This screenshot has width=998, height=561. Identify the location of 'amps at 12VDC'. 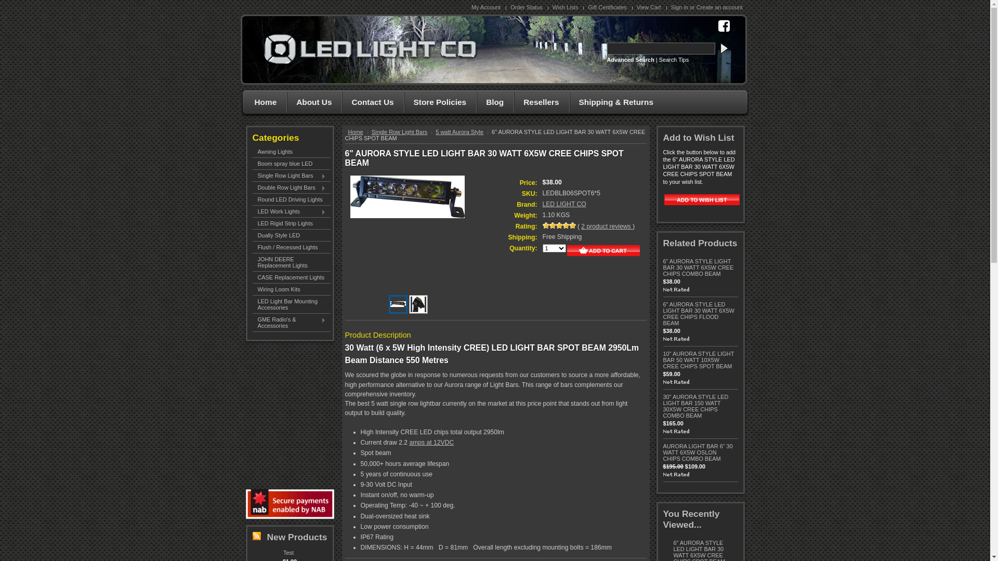
(431, 443).